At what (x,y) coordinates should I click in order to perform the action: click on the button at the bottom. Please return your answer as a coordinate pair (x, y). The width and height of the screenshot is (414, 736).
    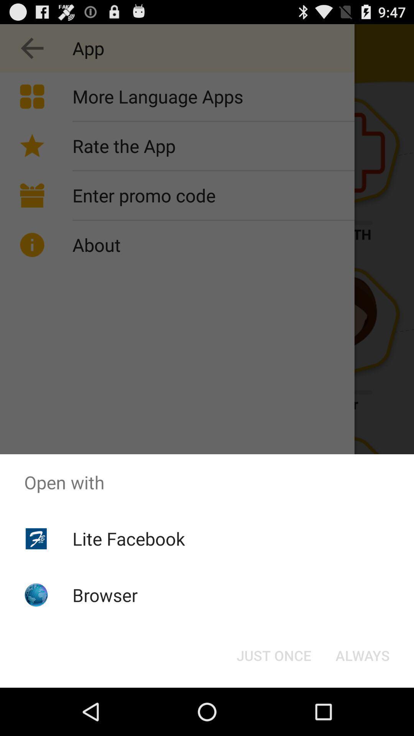
    Looking at the image, I should click on (273, 655).